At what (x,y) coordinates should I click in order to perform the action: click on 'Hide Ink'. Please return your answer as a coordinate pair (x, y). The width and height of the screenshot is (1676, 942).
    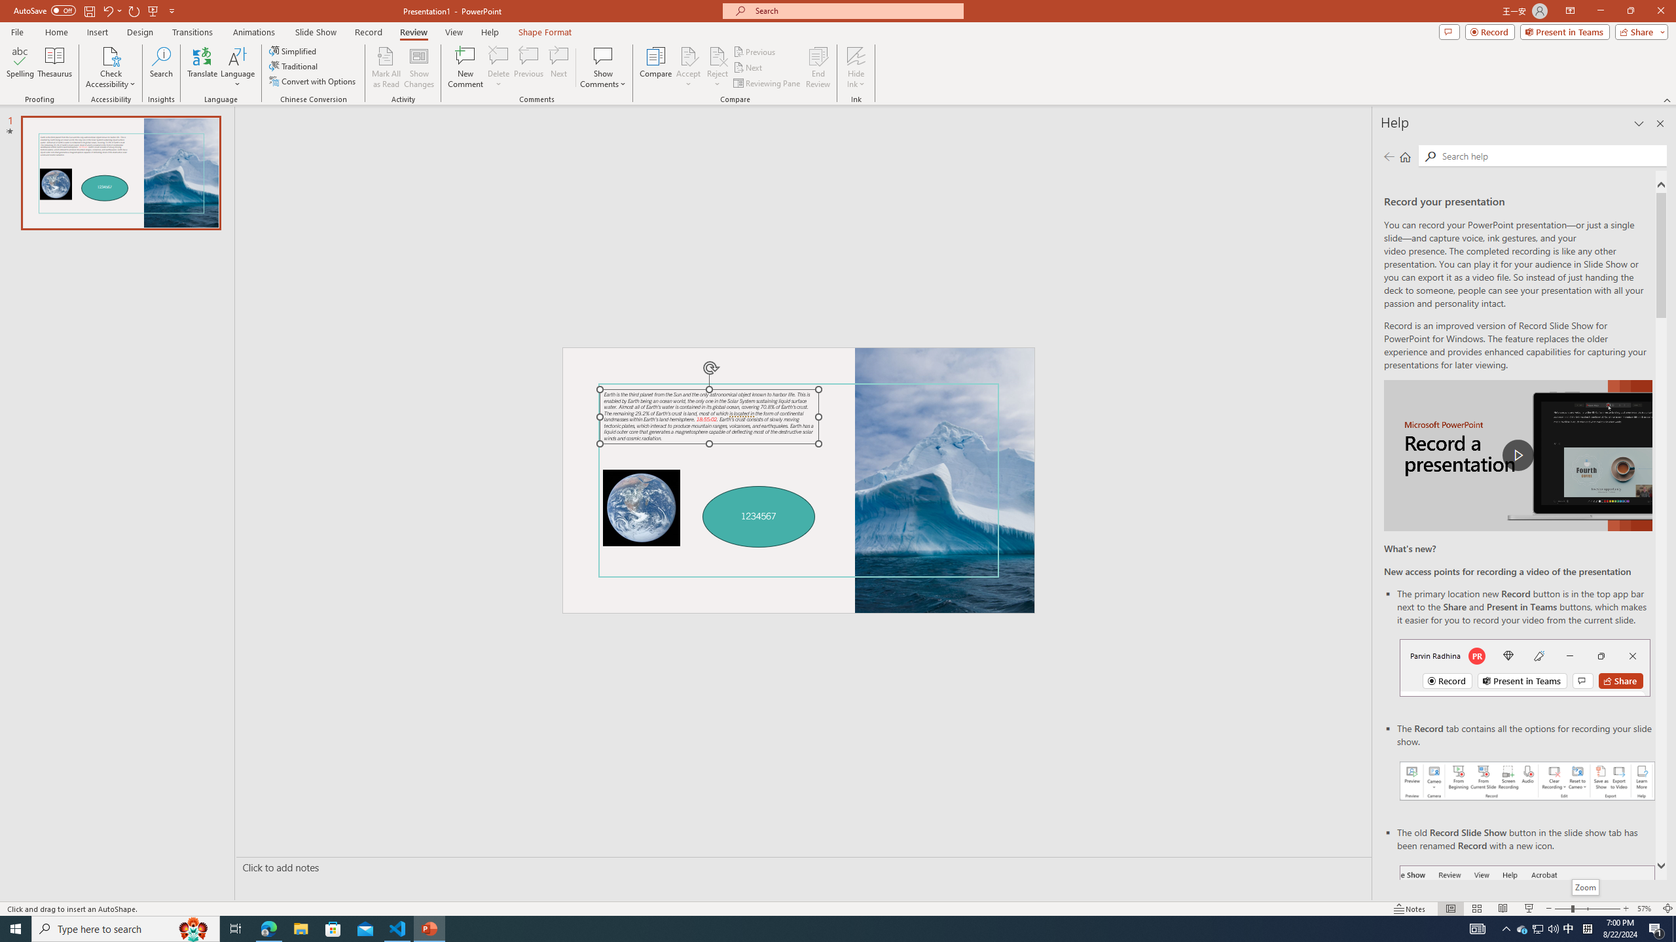
    Looking at the image, I should click on (856, 55).